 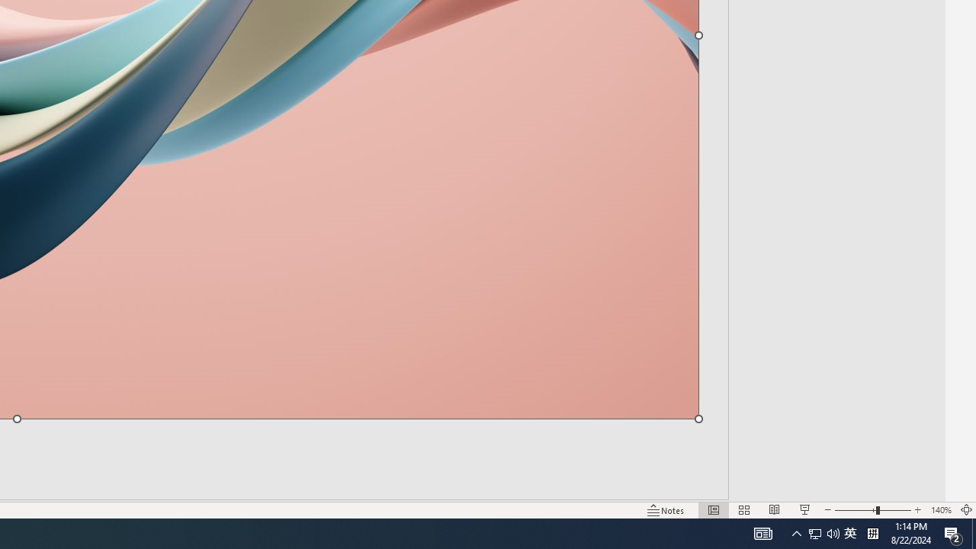 I want to click on 'Reading View', so click(x=774, y=510).